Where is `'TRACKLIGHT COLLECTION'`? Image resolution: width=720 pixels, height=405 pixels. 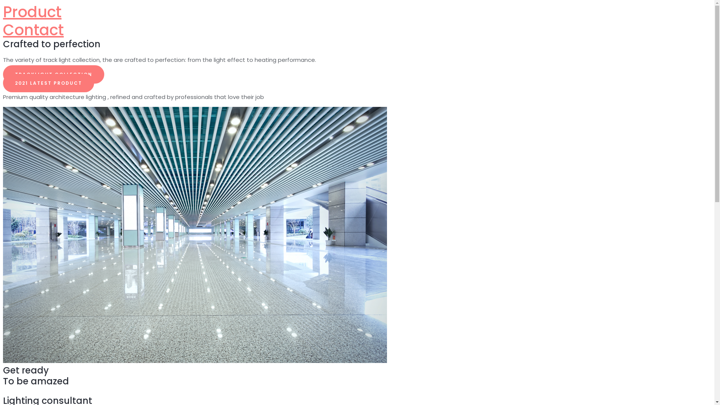 'TRACKLIGHT COLLECTION' is located at coordinates (53, 74).